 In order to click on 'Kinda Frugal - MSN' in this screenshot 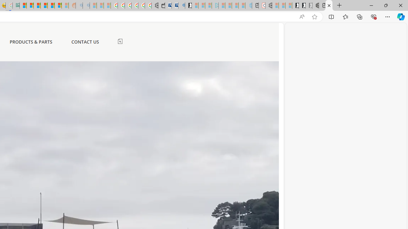, I will do `click(51, 5)`.